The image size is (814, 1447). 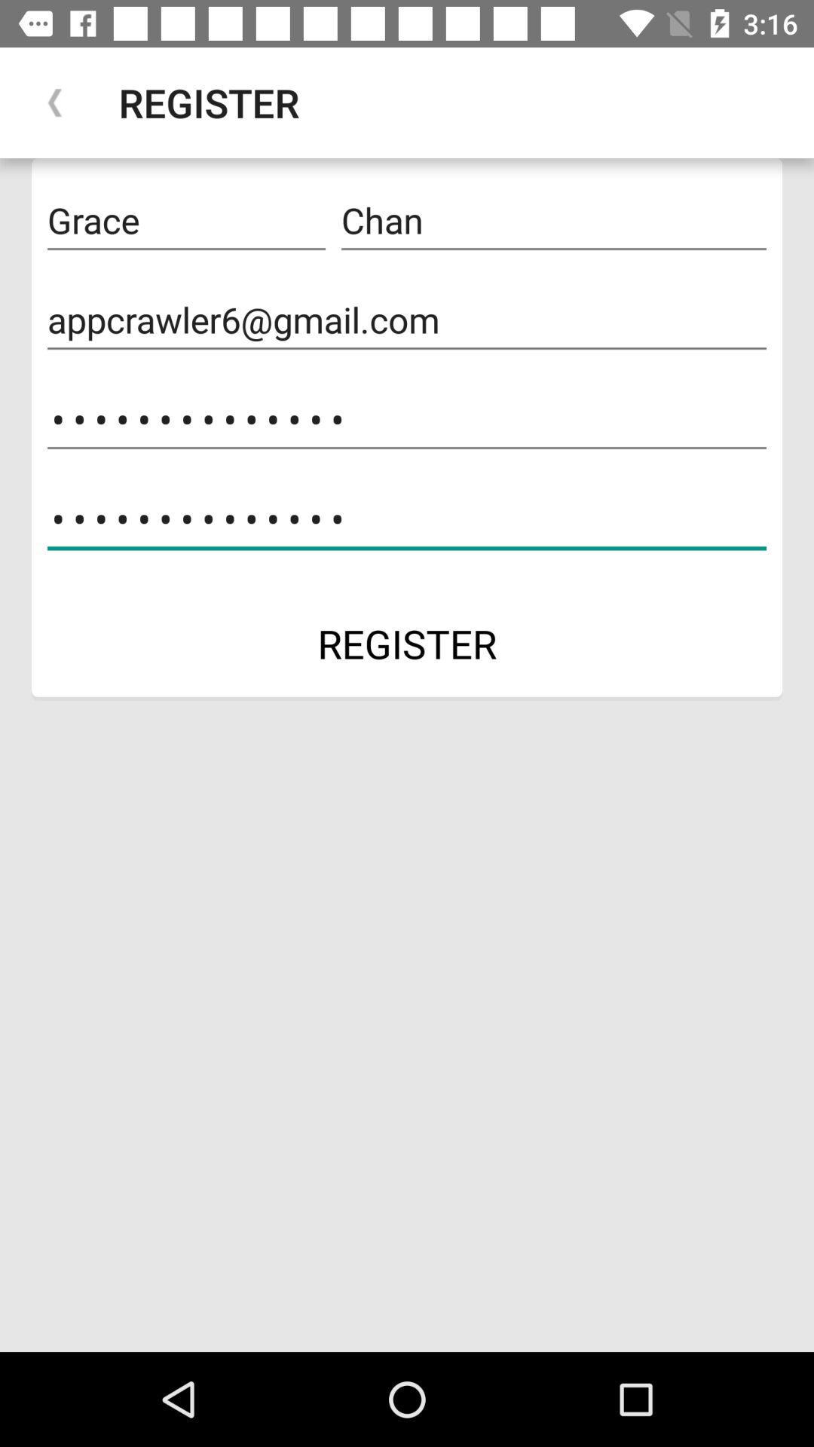 I want to click on icon to the left of the chan, so click(x=185, y=220).